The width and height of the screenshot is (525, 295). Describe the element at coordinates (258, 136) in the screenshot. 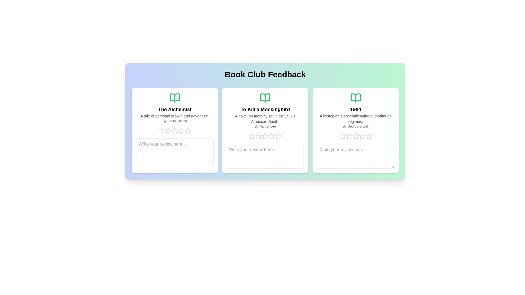

I see `the third star-shaped interactive rating icon in the 'Book Club Feedback' section for 'To Kill a Mockingbird'` at that location.